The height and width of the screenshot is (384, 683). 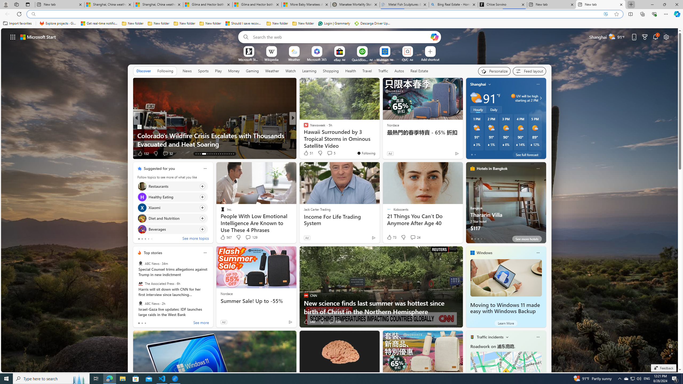 What do you see at coordinates (306, 153) in the screenshot?
I see `'76 Like'` at bounding box center [306, 153].